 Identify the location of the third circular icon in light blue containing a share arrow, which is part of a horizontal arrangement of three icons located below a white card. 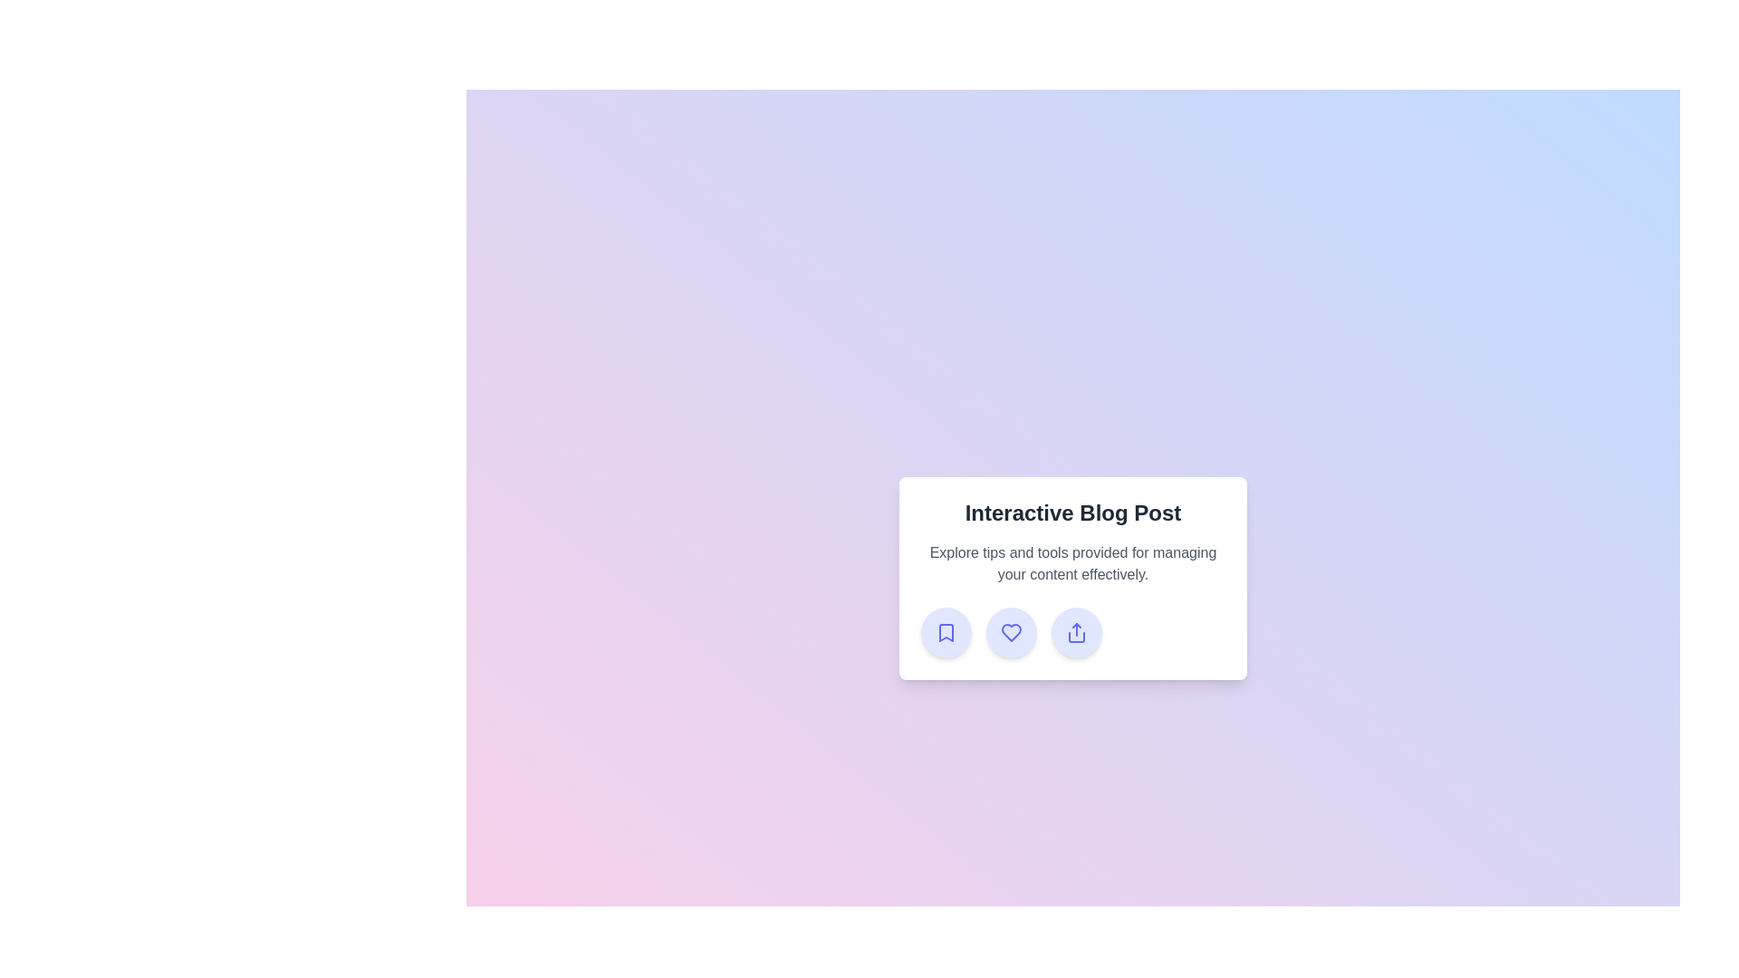
(1073, 631).